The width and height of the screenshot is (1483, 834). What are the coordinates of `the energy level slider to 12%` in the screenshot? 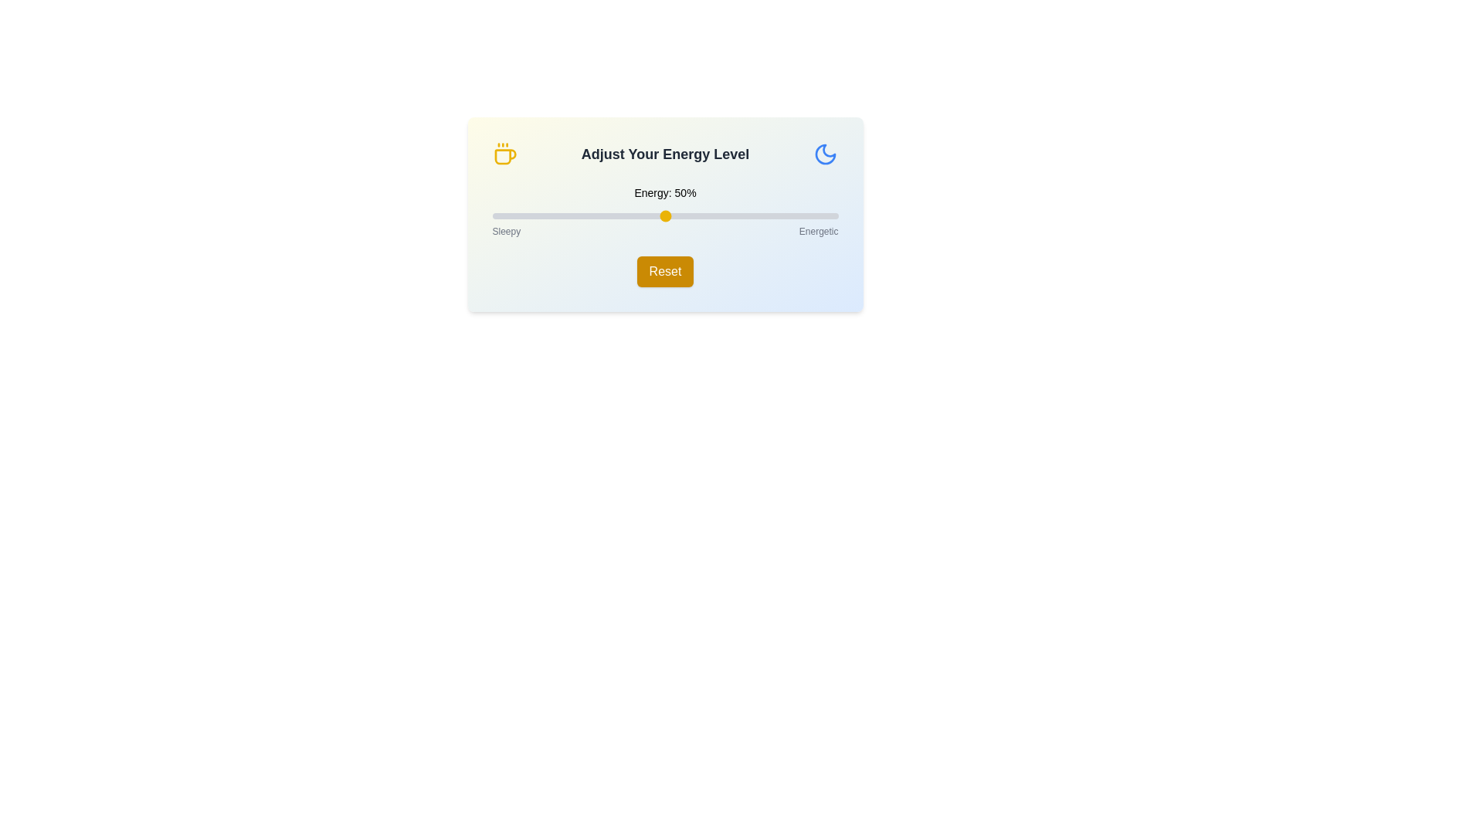 It's located at (534, 216).